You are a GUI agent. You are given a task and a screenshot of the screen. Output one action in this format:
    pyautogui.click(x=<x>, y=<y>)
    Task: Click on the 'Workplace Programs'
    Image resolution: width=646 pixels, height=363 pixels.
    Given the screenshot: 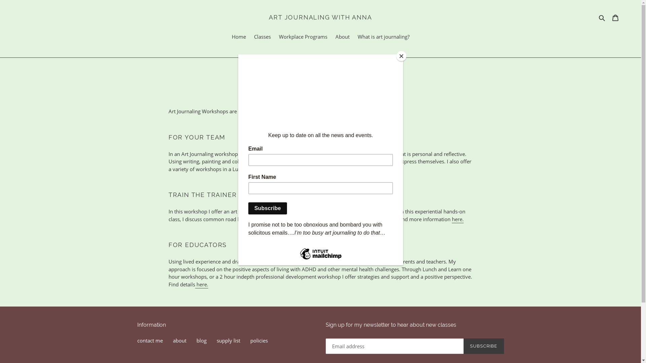 What is the action you would take?
    pyautogui.click(x=302, y=37)
    